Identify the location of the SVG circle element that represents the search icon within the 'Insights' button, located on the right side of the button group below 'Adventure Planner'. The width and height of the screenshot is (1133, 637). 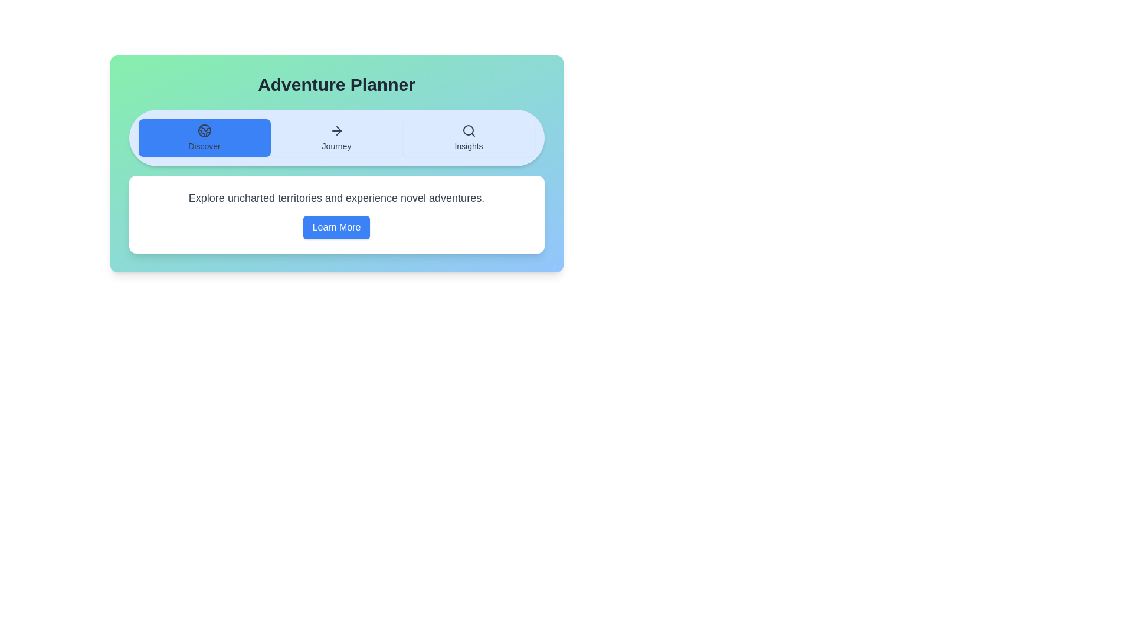
(467, 130).